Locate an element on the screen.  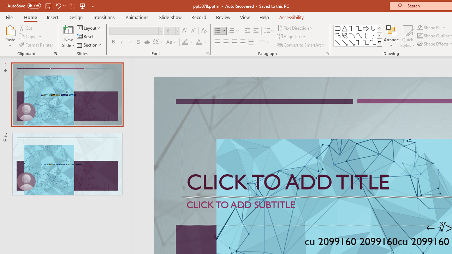
'AutomationID: ShapesInsertGallery' is located at coordinates (358, 35).